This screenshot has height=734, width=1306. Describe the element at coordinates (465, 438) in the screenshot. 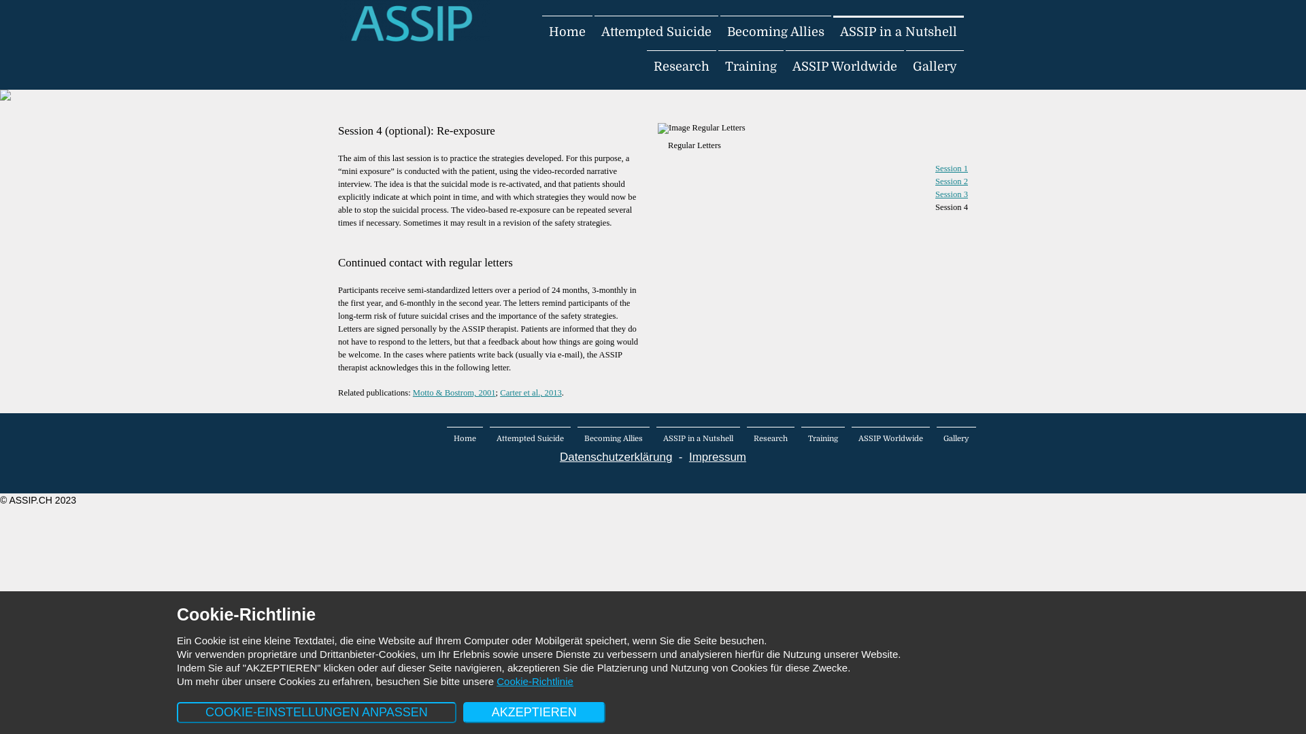

I see `'Home'` at that location.